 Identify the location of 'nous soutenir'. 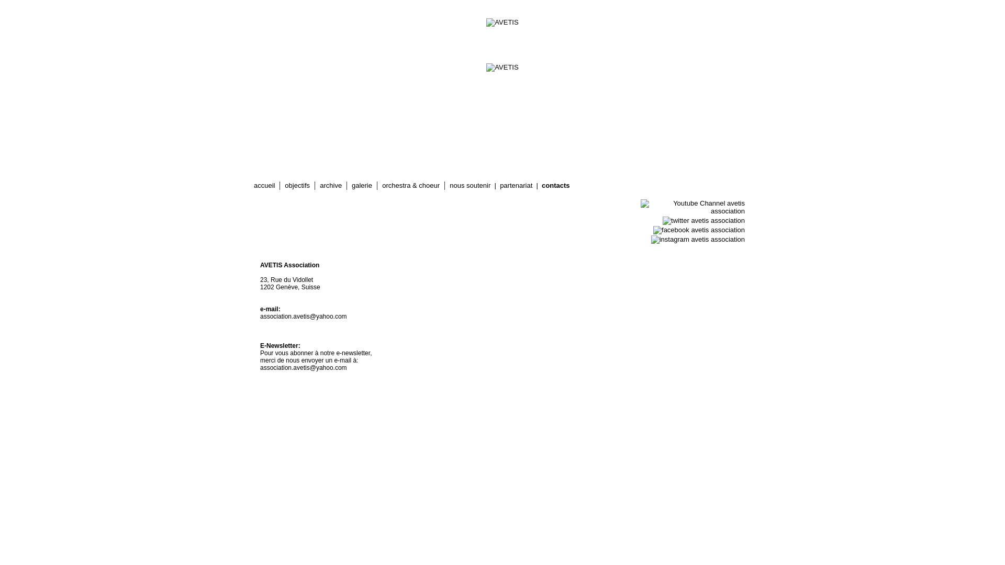
(469, 185).